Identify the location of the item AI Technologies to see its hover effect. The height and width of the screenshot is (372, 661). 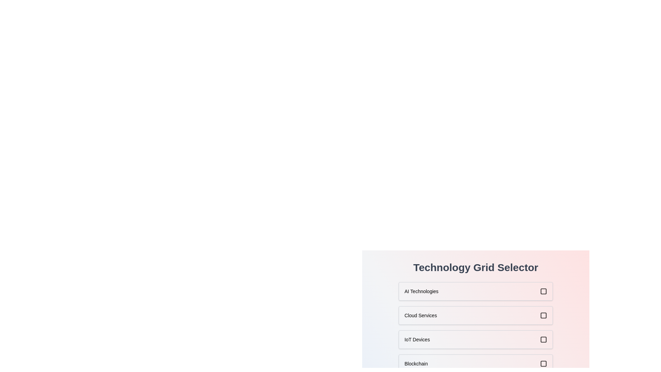
(475, 291).